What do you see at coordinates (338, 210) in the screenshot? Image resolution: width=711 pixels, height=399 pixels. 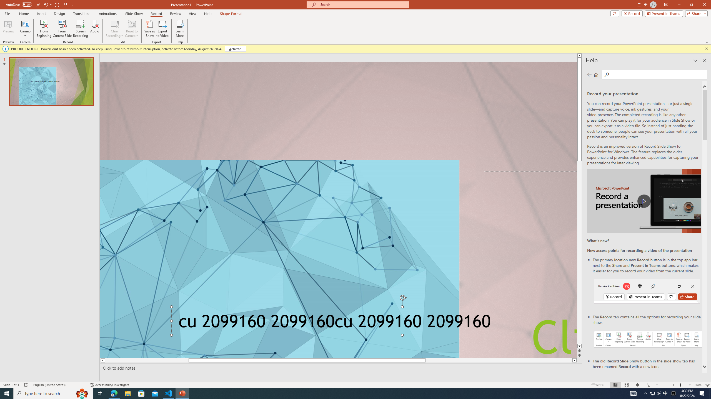 I see `'An abstract genetic concept'` at bounding box center [338, 210].